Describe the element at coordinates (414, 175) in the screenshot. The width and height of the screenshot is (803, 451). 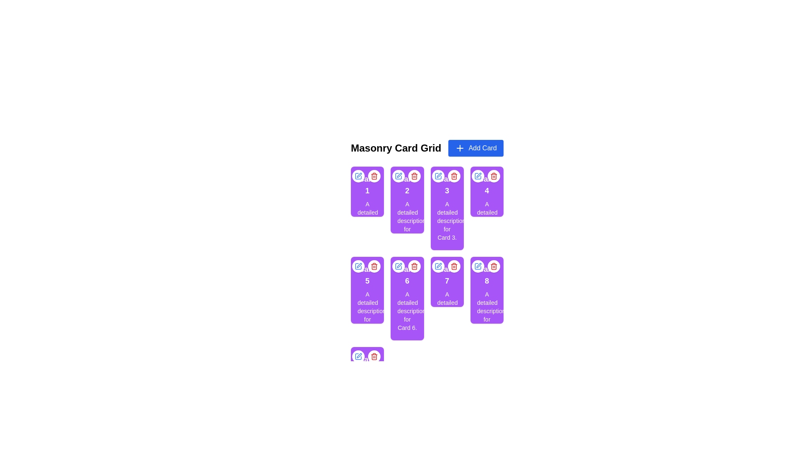
I see `the delete button icon located within a circular button at the top of card '2' in the masonry layout grid` at that location.